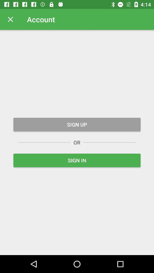 The height and width of the screenshot is (273, 154). I want to click on the sign in item, so click(77, 160).